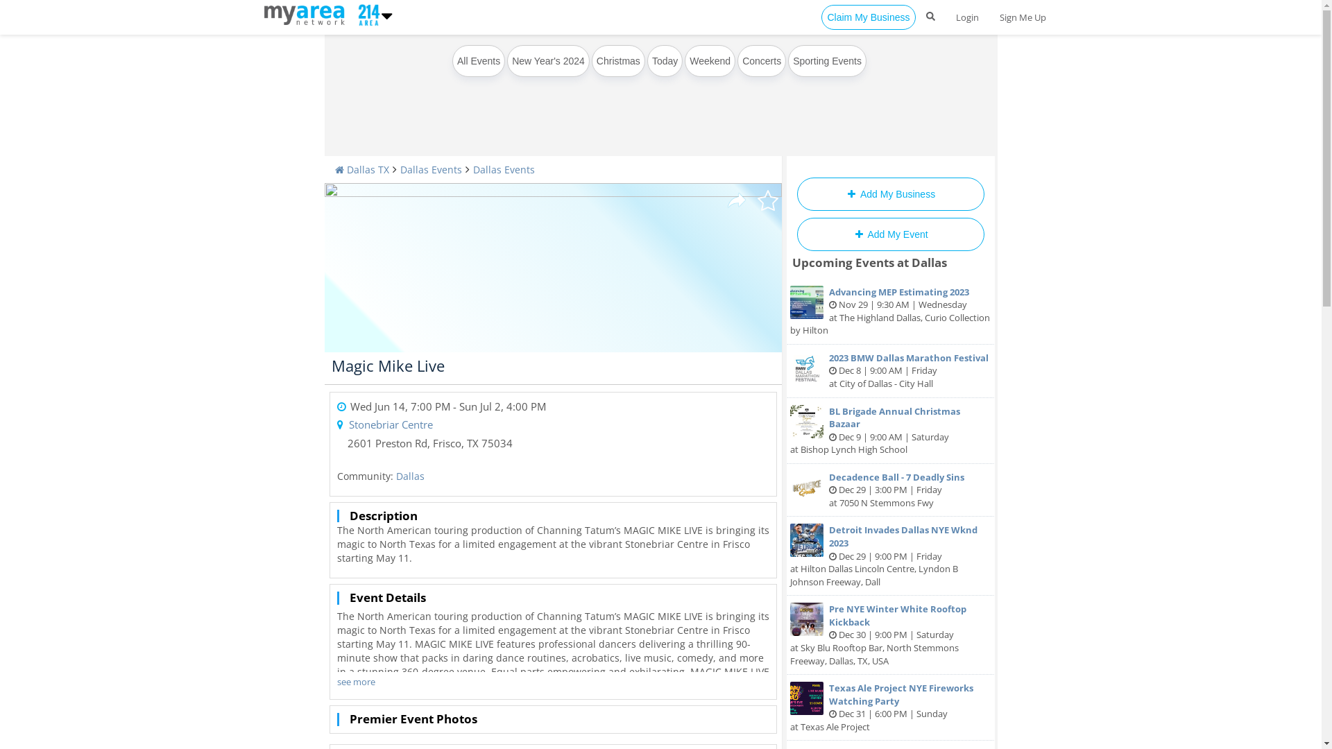 Image resolution: width=1332 pixels, height=749 pixels. I want to click on 'Sign Me Up', so click(1023, 17).